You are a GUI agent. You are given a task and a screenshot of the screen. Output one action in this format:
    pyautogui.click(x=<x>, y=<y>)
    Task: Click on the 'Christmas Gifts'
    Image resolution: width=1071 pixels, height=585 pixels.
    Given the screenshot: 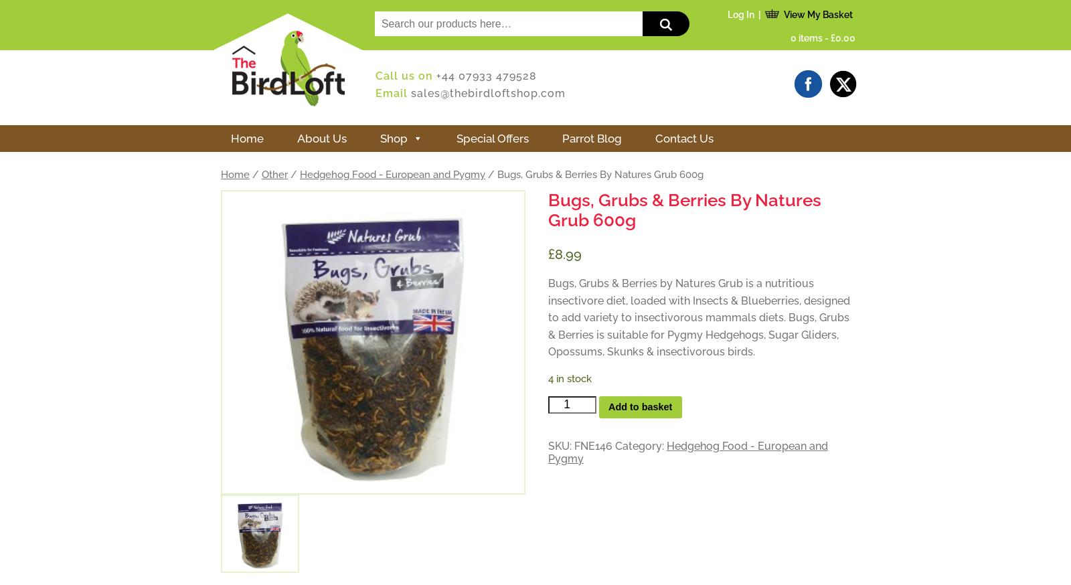 What is the action you would take?
    pyautogui.click(x=771, y=502)
    